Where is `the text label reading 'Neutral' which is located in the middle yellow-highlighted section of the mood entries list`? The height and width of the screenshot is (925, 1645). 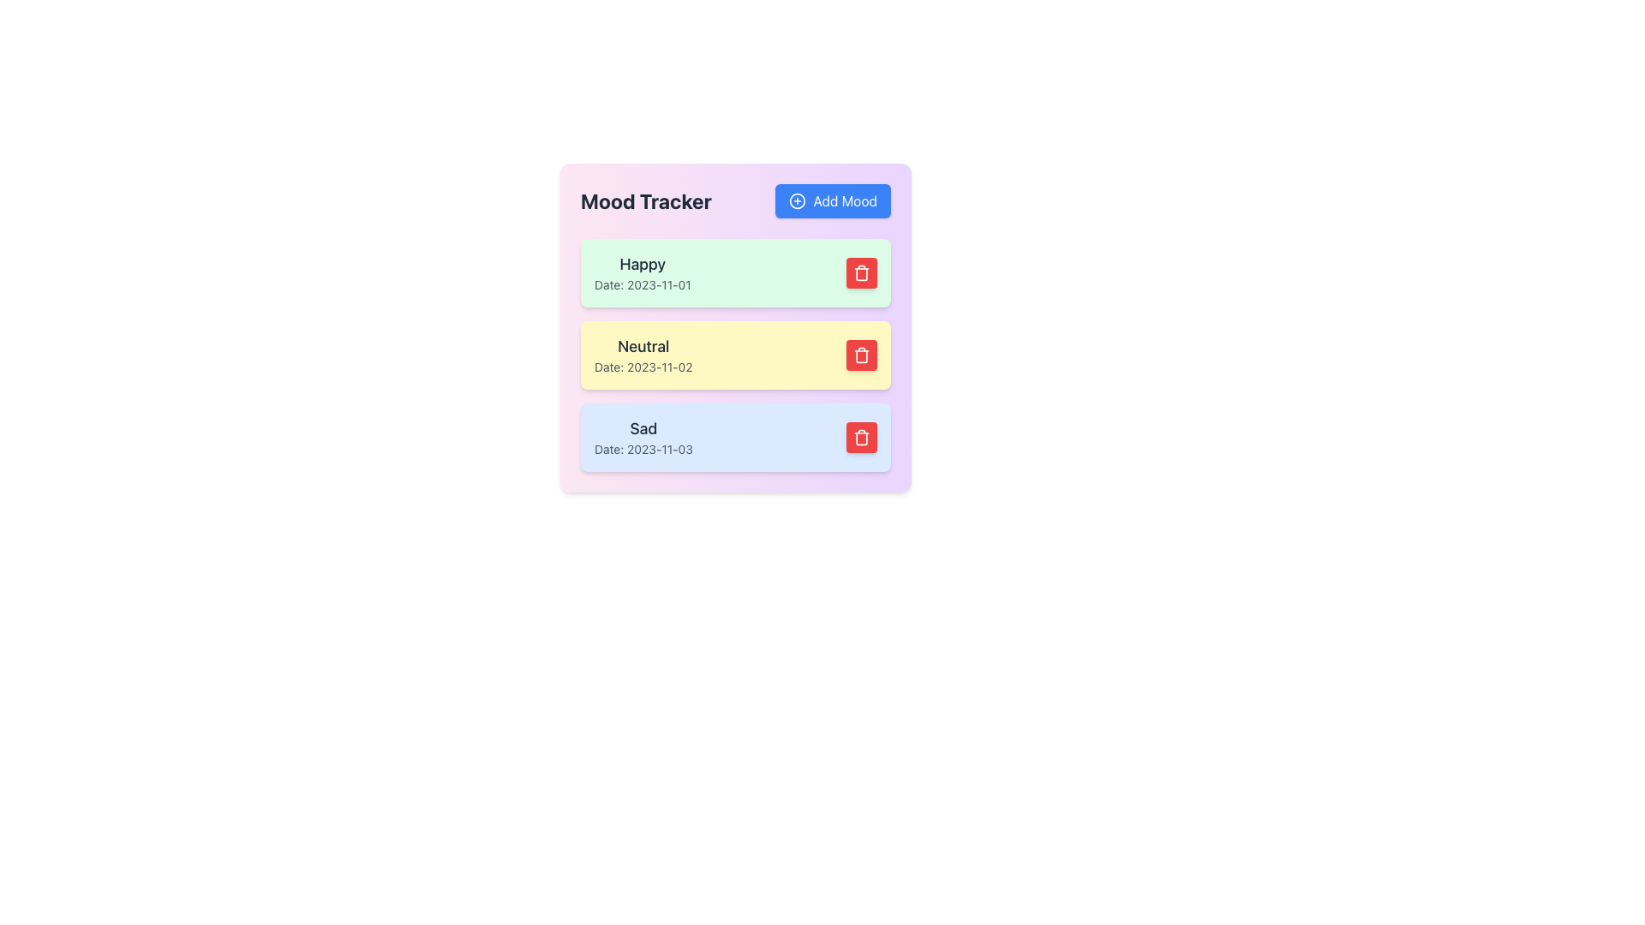 the text label reading 'Neutral' which is located in the middle yellow-highlighted section of the mood entries list is located at coordinates (643, 347).